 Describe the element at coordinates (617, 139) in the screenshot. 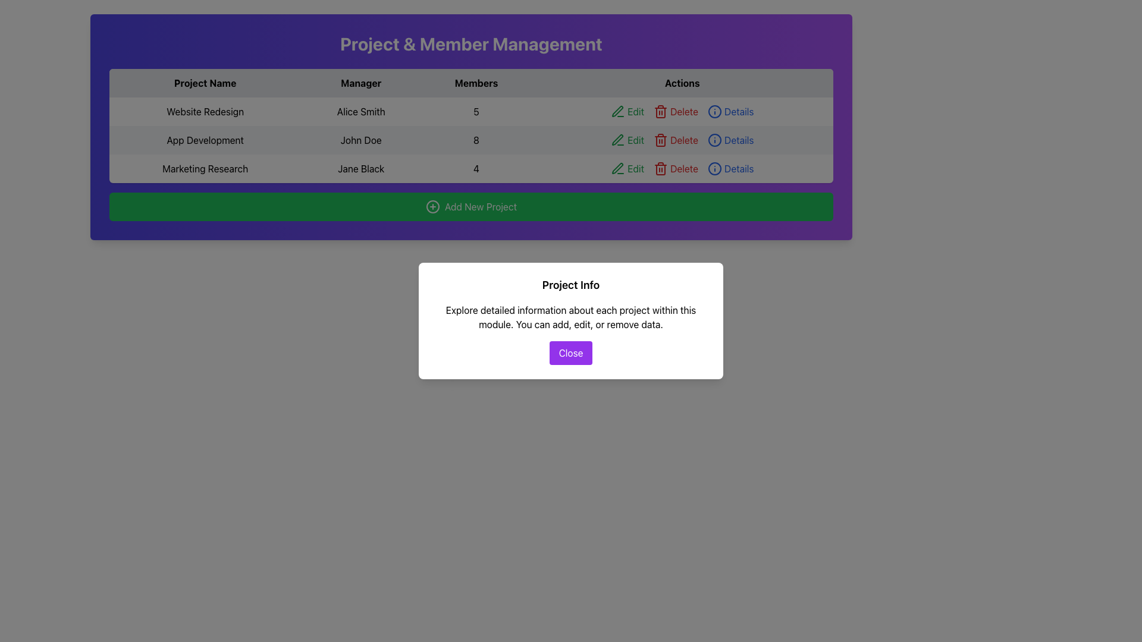

I see `the edit icon button located in the 'Actions' column next to the 'Edit' text for 'App Development'` at that location.